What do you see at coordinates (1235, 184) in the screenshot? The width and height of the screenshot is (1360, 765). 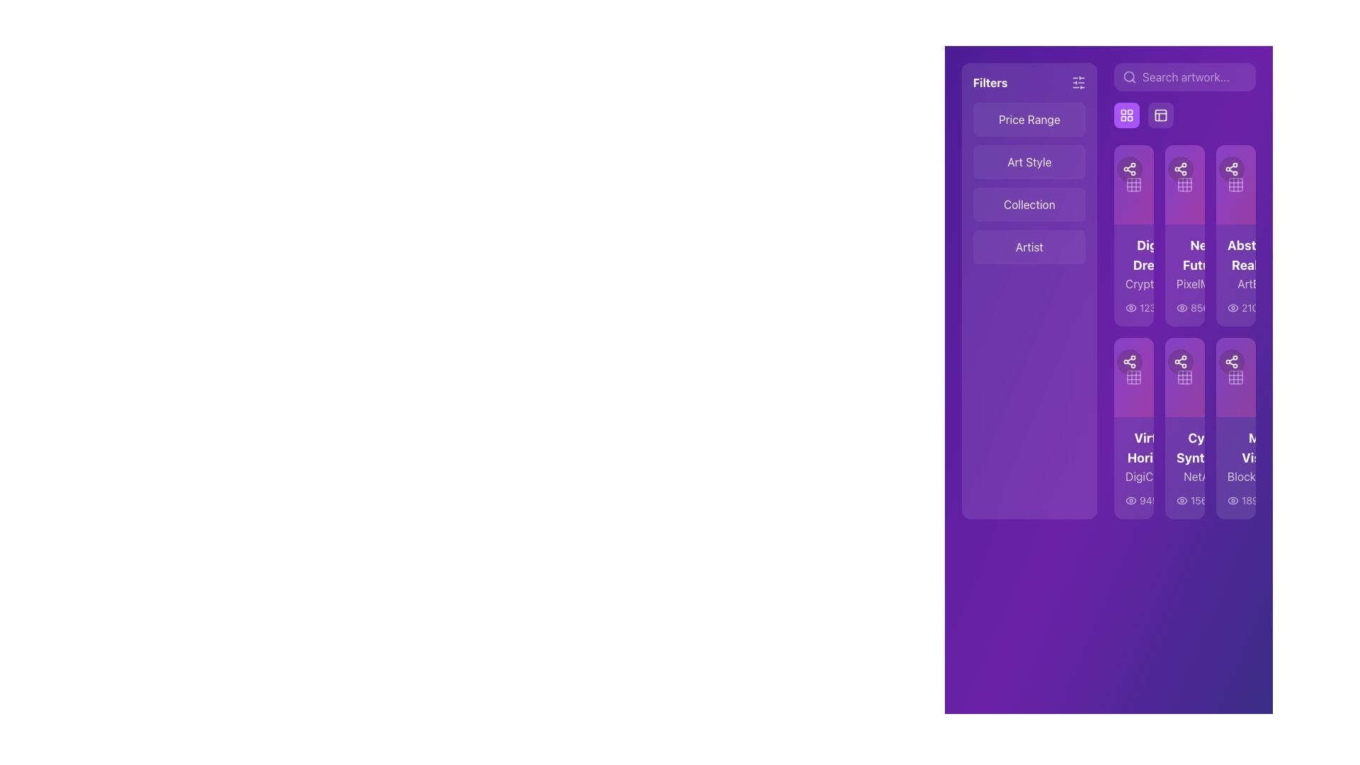 I see `the top-left cell of the grid icon component` at bounding box center [1235, 184].